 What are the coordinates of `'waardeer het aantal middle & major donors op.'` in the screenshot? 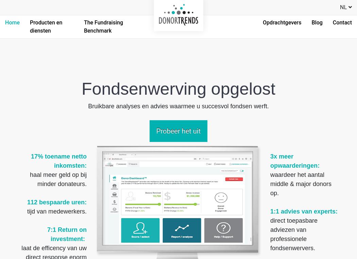 It's located at (301, 184).